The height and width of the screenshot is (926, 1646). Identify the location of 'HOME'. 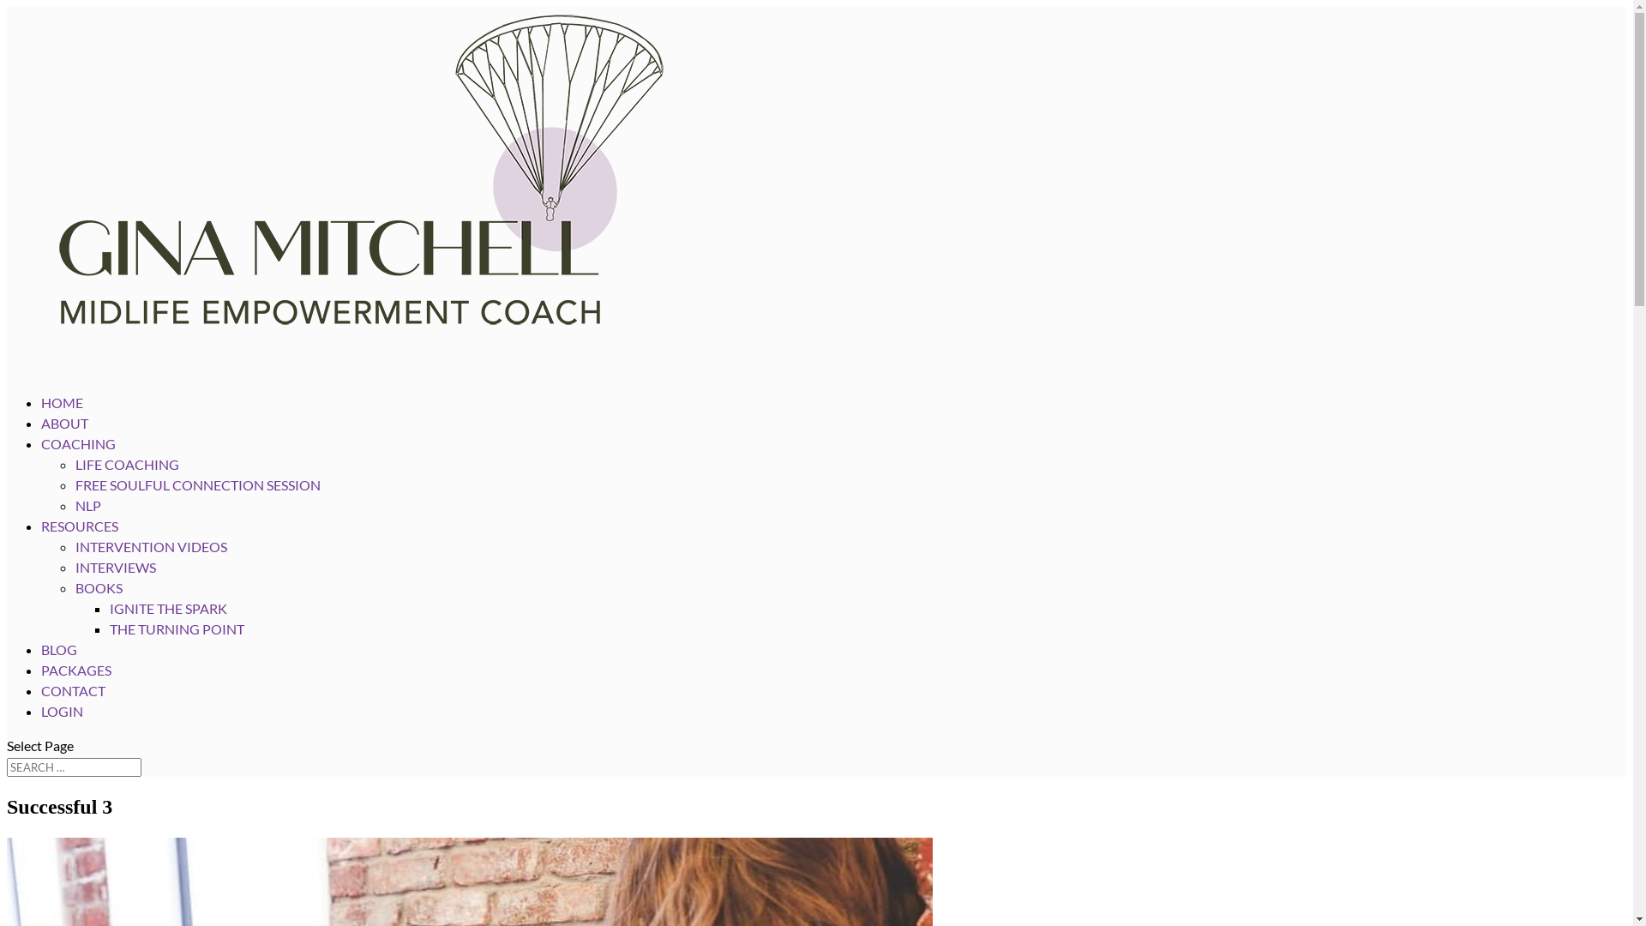
(62, 422).